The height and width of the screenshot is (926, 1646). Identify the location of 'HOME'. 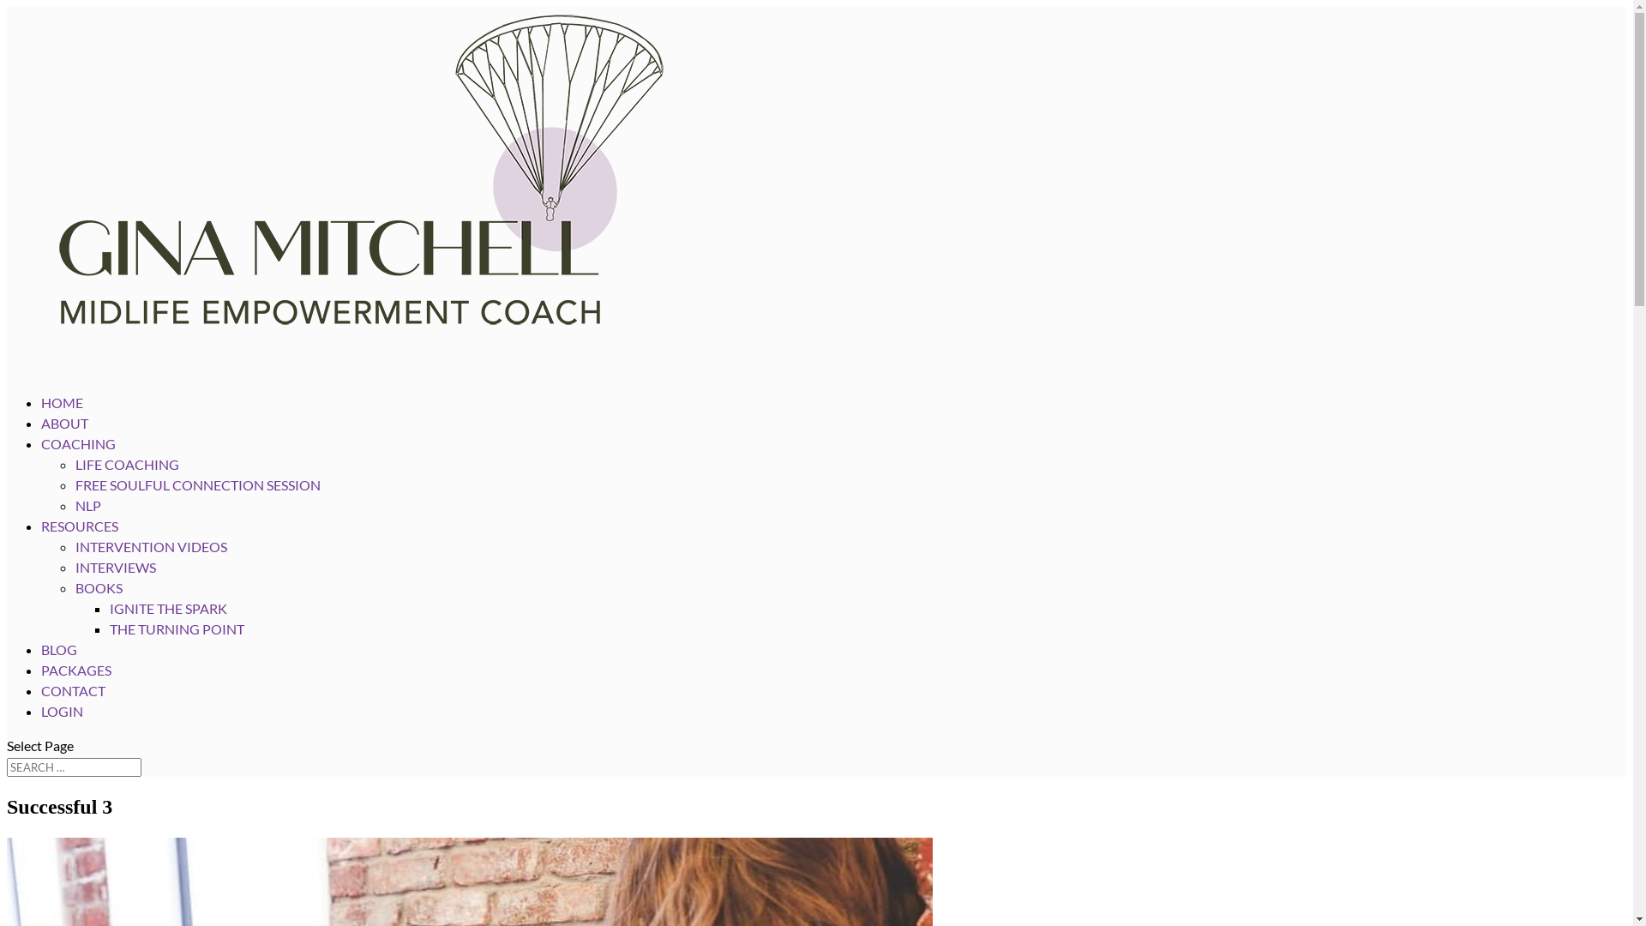
(62, 422).